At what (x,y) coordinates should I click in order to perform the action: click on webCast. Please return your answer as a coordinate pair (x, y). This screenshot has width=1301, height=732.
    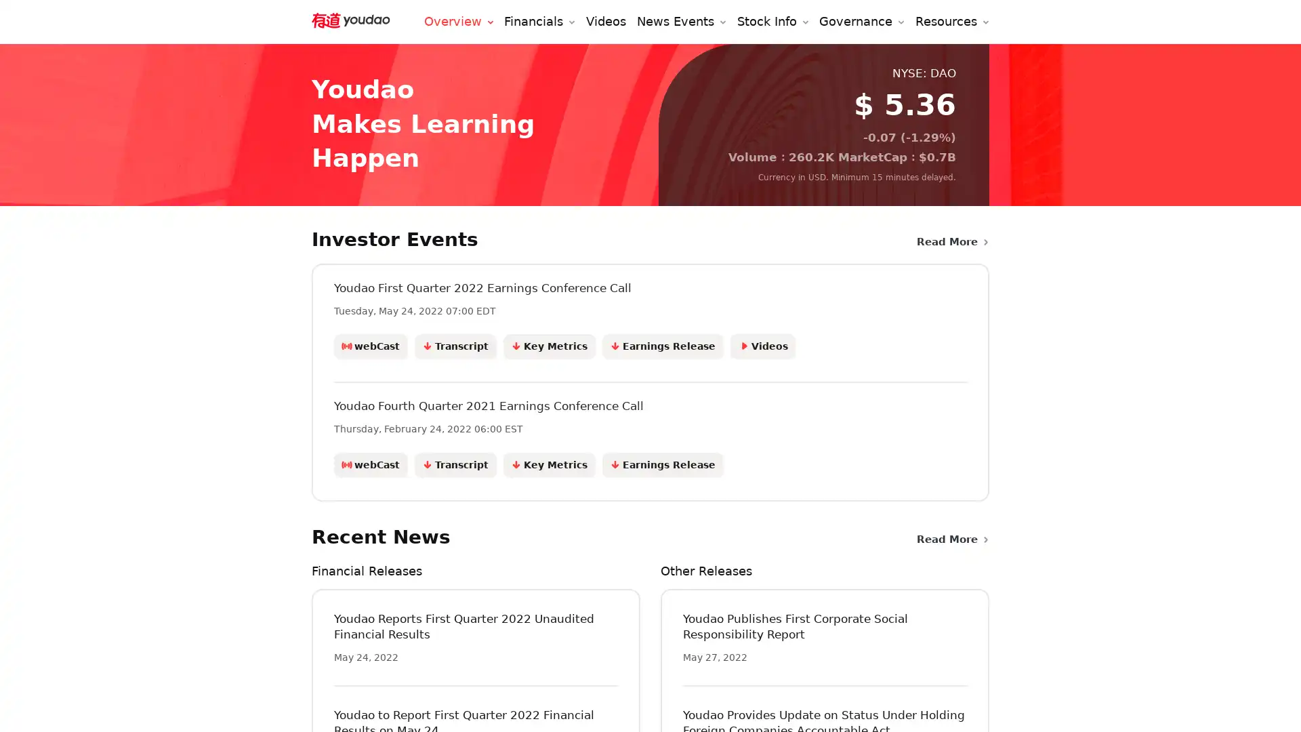
    Looking at the image, I should click on (370, 346).